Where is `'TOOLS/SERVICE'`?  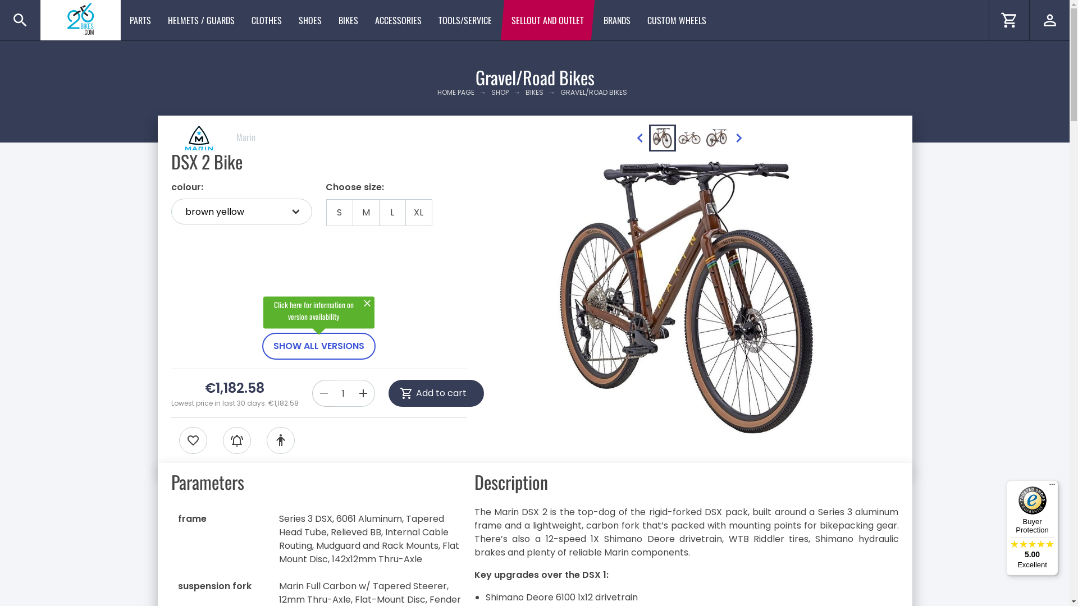
'TOOLS/SERVICE' is located at coordinates (465, 20).